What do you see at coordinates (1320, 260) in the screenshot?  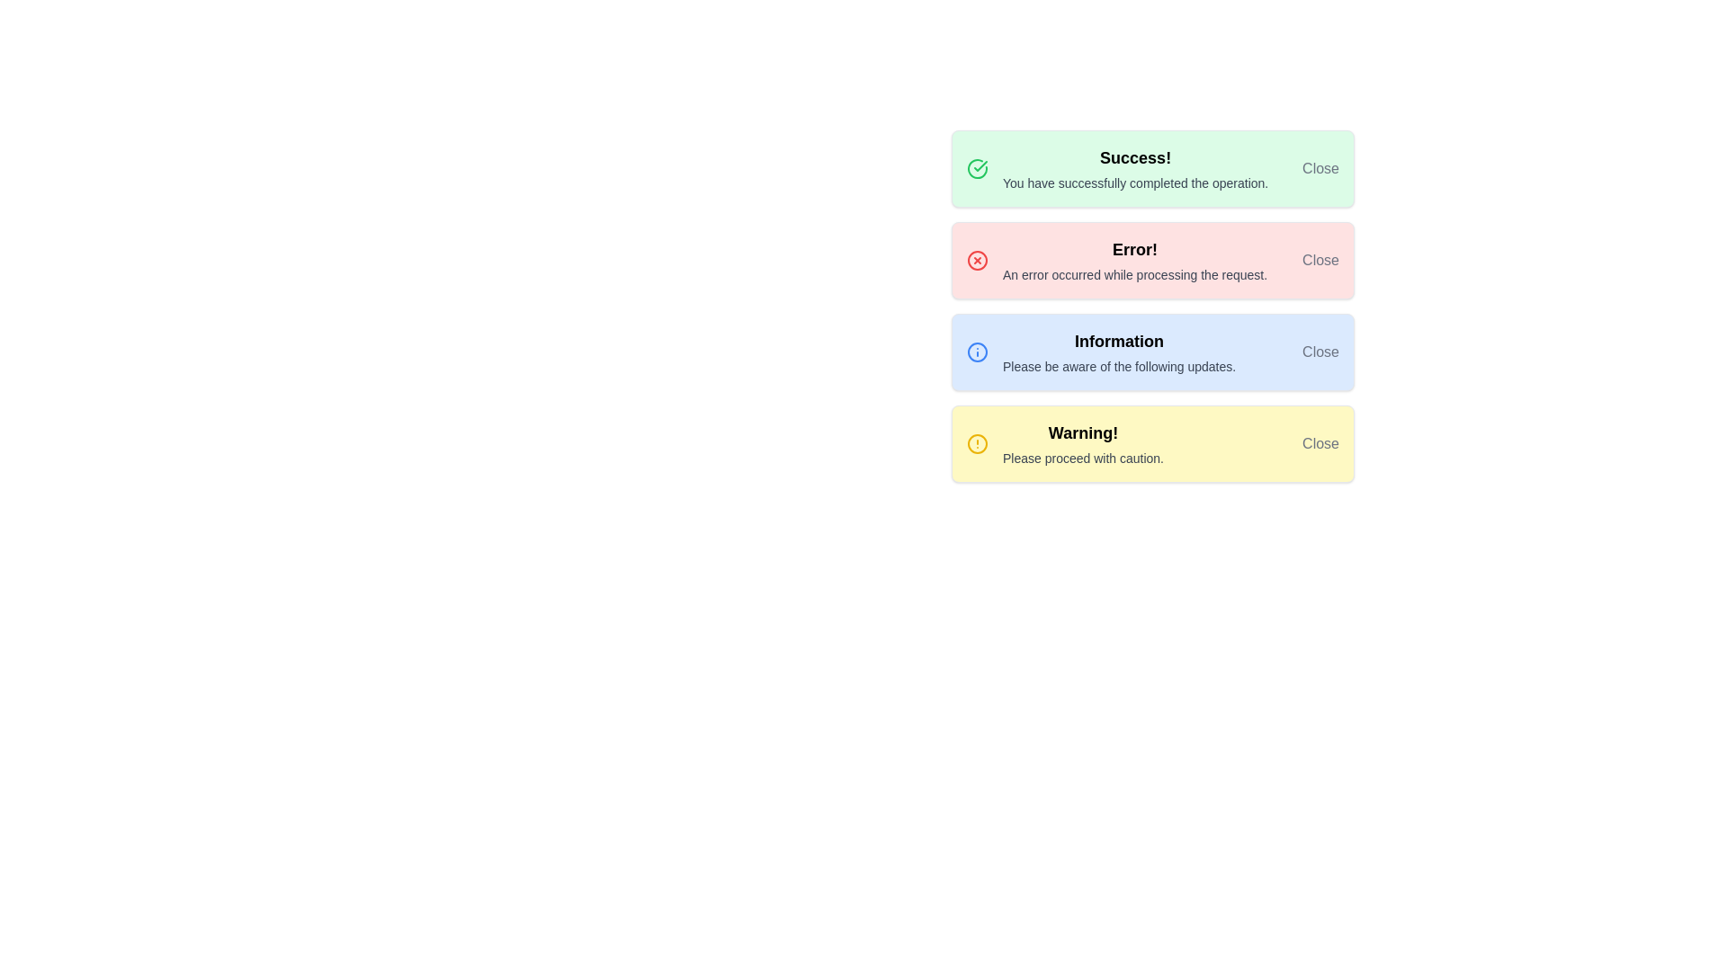 I see `the dismiss button with text label` at bounding box center [1320, 260].